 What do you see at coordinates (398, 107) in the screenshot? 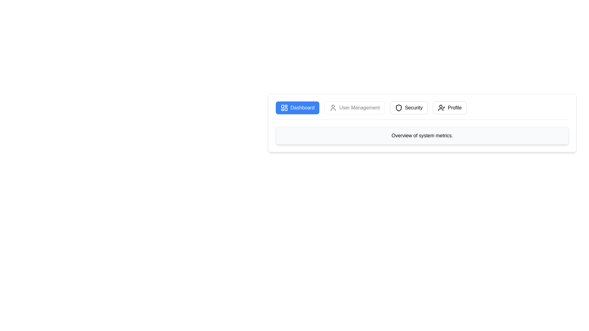
I see `the graphical representation of the shield icon located in the 'Security' tab of the navigation bar, situated between the 'User Management' and 'Profile' tabs` at bounding box center [398, 107].